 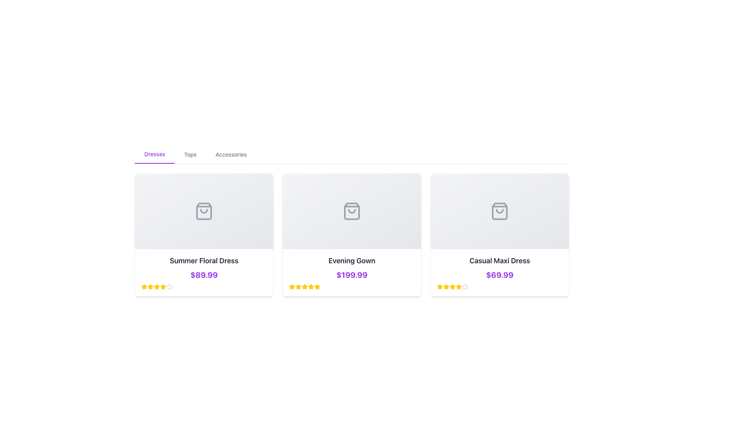 I want to click on the fourth star icon in the five-star rating system for the 'Casual Maxi Dress' product card, so click(x=439, y=286).